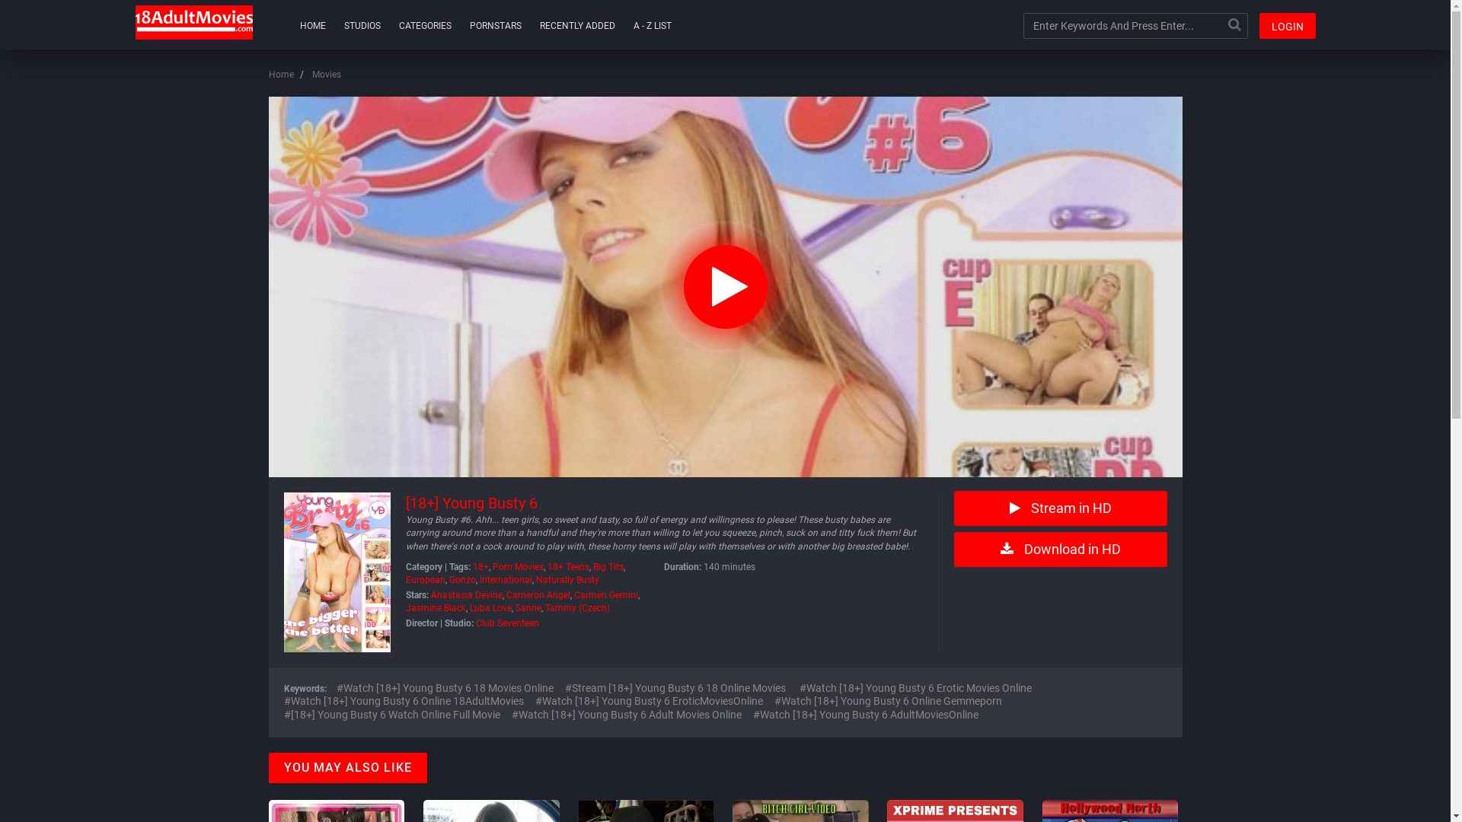 The height and width of the screenshot is (822, 1462). I want to click on 'Watch [18+] Young Busty 6 Online 18AdultMovies', so click(403, 701).